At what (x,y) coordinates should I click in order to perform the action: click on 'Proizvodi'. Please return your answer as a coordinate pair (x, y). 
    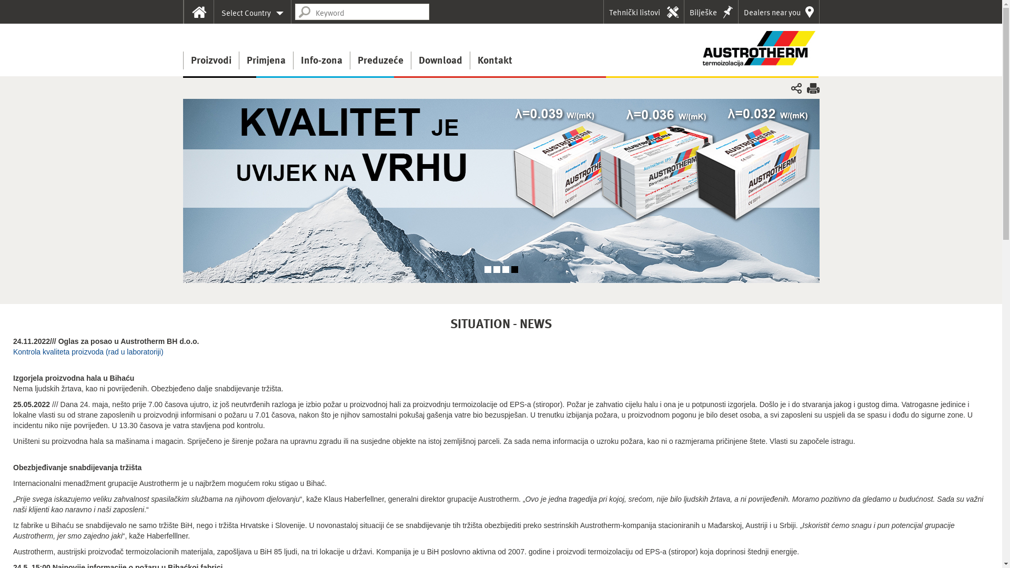
    Looking at the image, I should click on (210, 60).